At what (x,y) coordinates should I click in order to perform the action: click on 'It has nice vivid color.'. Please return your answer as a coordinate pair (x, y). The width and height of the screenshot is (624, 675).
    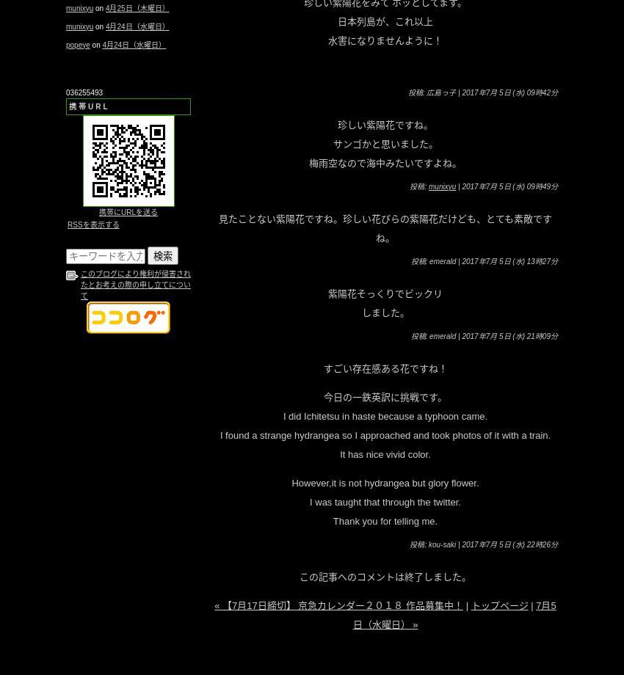
    Looking at the image, I should click on (384, 453).